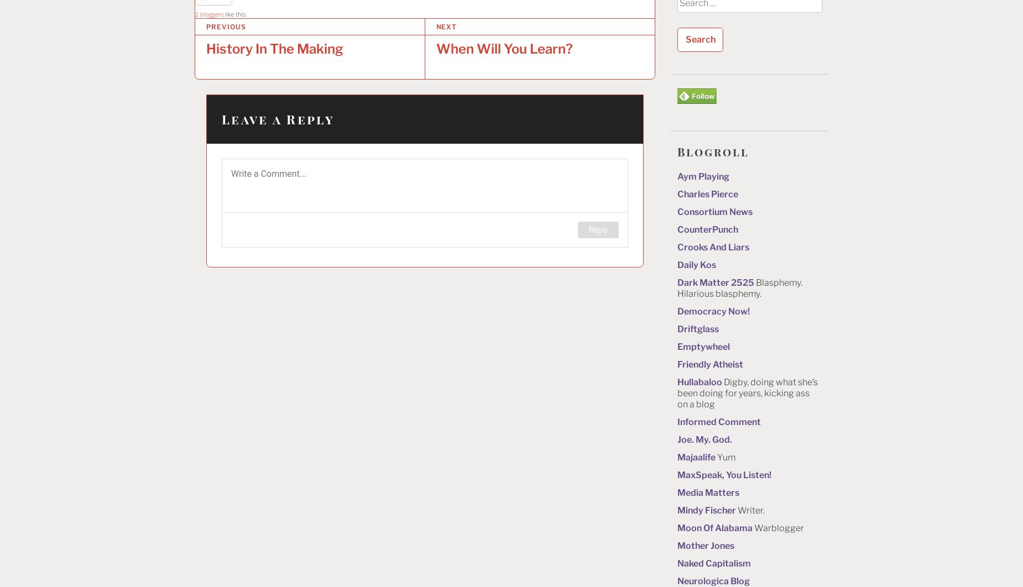 The width and height of the screenshot is (1023, 587). I want to click on 'Majaalife', so click(696, 456).